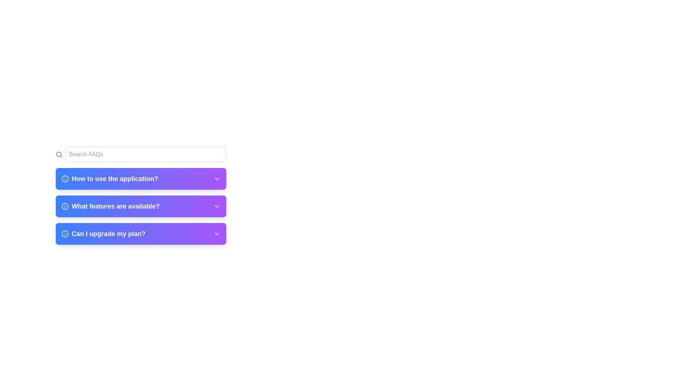  Describe the element at coordinates (65, 178) in the screenshot. I see `the small circular information icon, which has a blue outline and is located to the left of the FAQ question 'How to use the application?'` at that location.